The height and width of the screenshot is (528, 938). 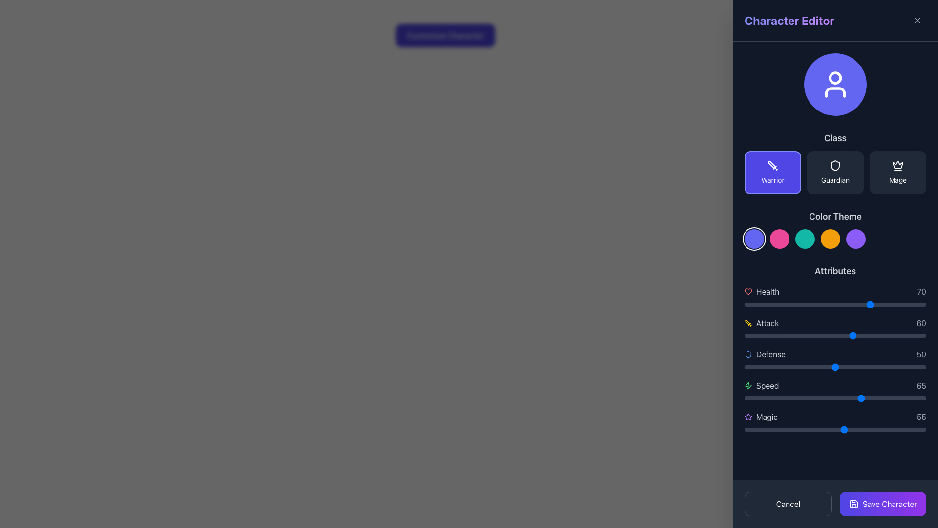 I want to click on the defense attribute, so click(x=866, y=367).